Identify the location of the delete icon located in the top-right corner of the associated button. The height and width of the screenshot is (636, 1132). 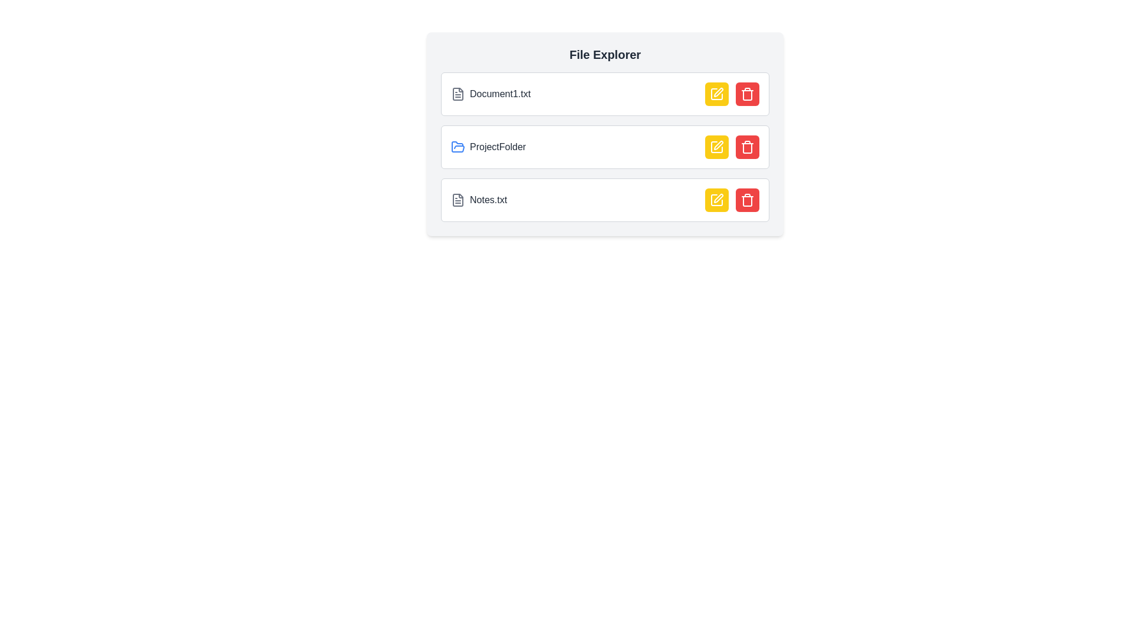
(746, 199).